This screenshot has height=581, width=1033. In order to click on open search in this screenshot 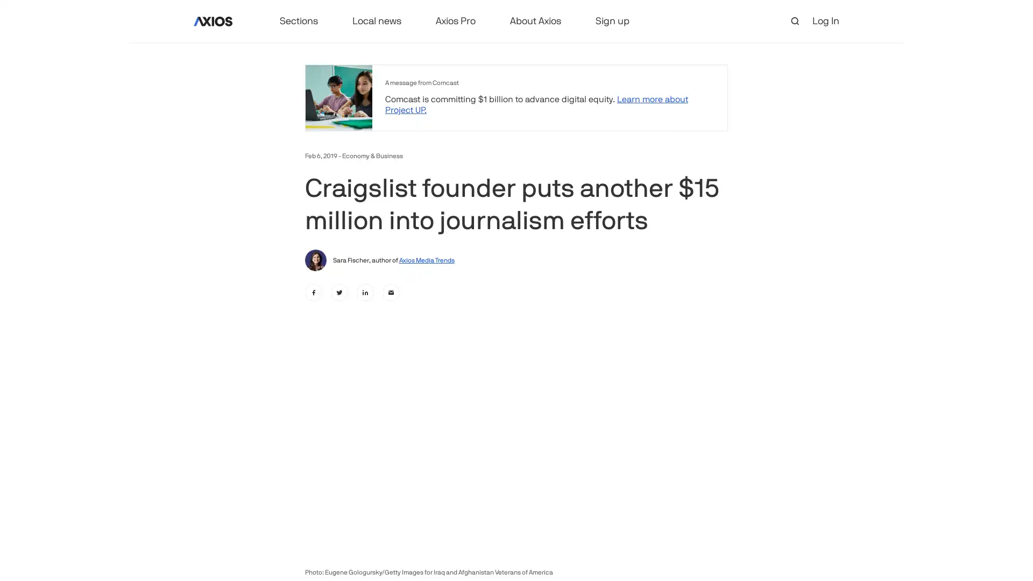, I will do `click(795, 21)`.